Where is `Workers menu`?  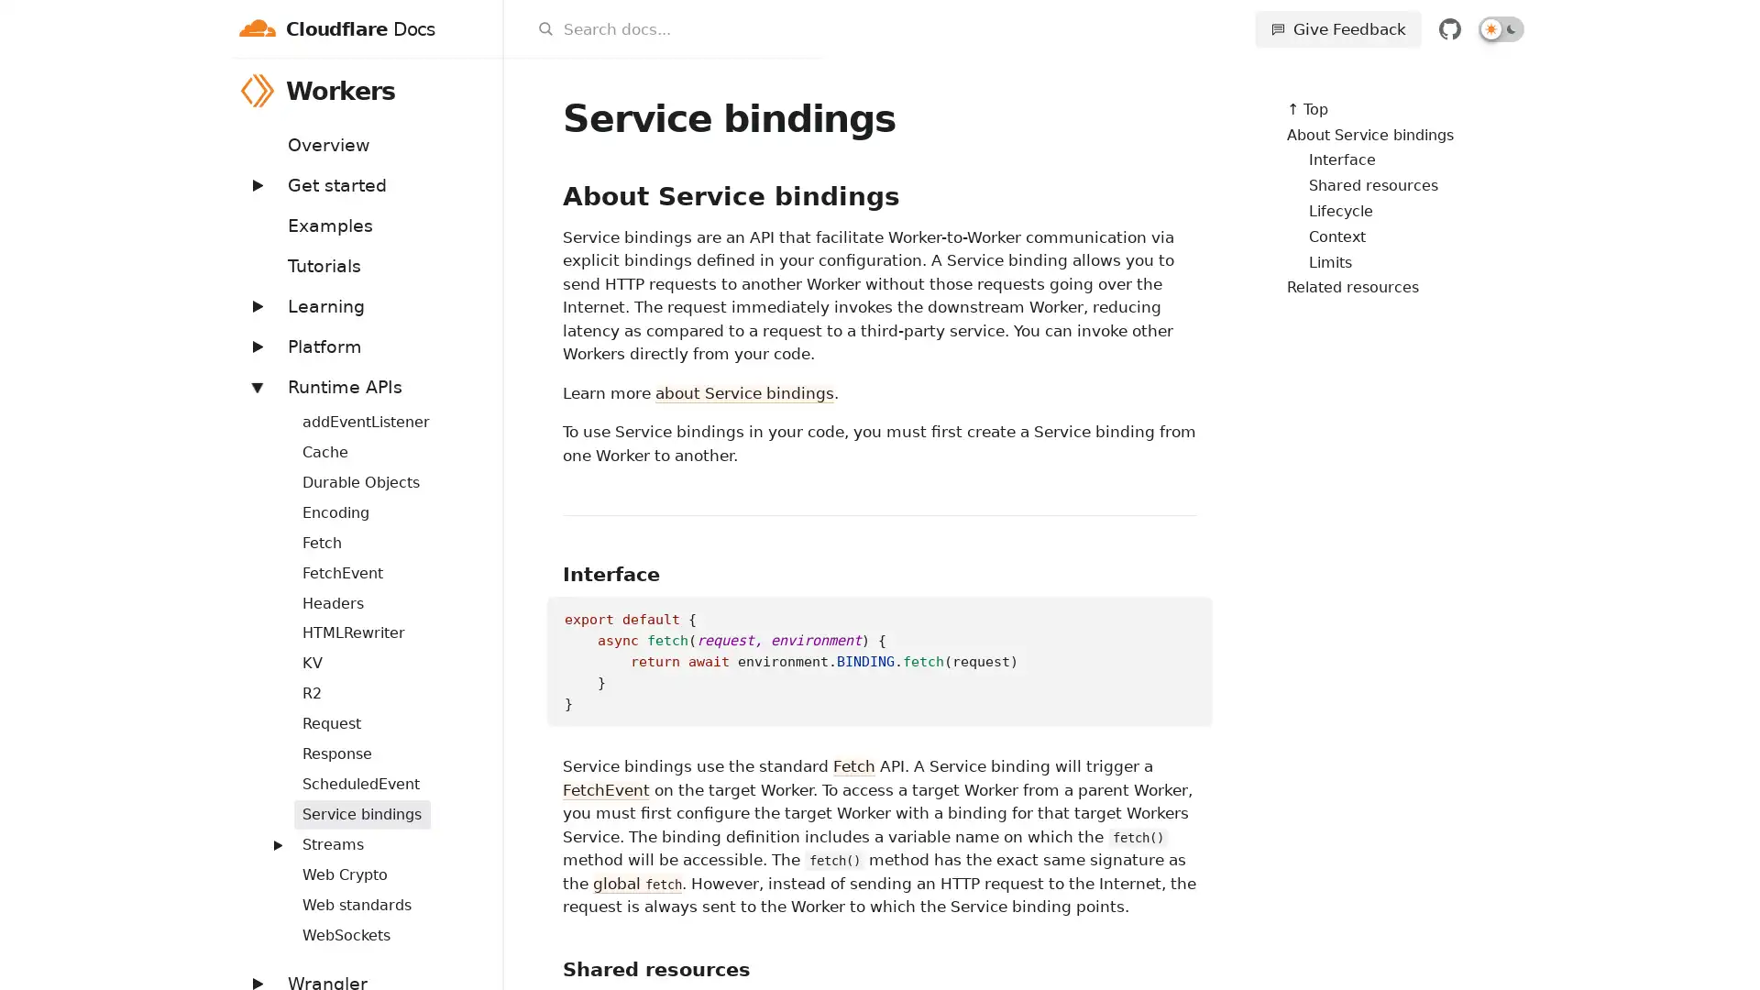 Workers menu is located at coordinates (478, 90).